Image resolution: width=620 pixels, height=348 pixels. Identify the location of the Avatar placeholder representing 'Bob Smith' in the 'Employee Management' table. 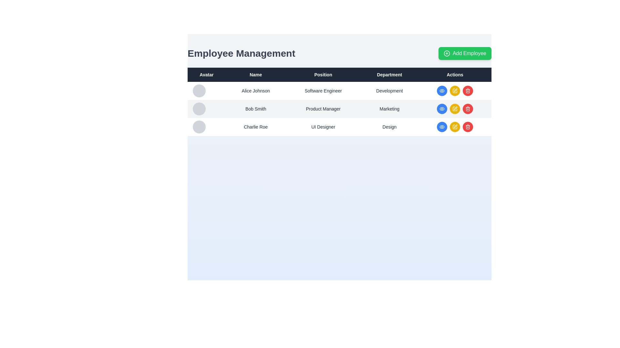
(199, 109).